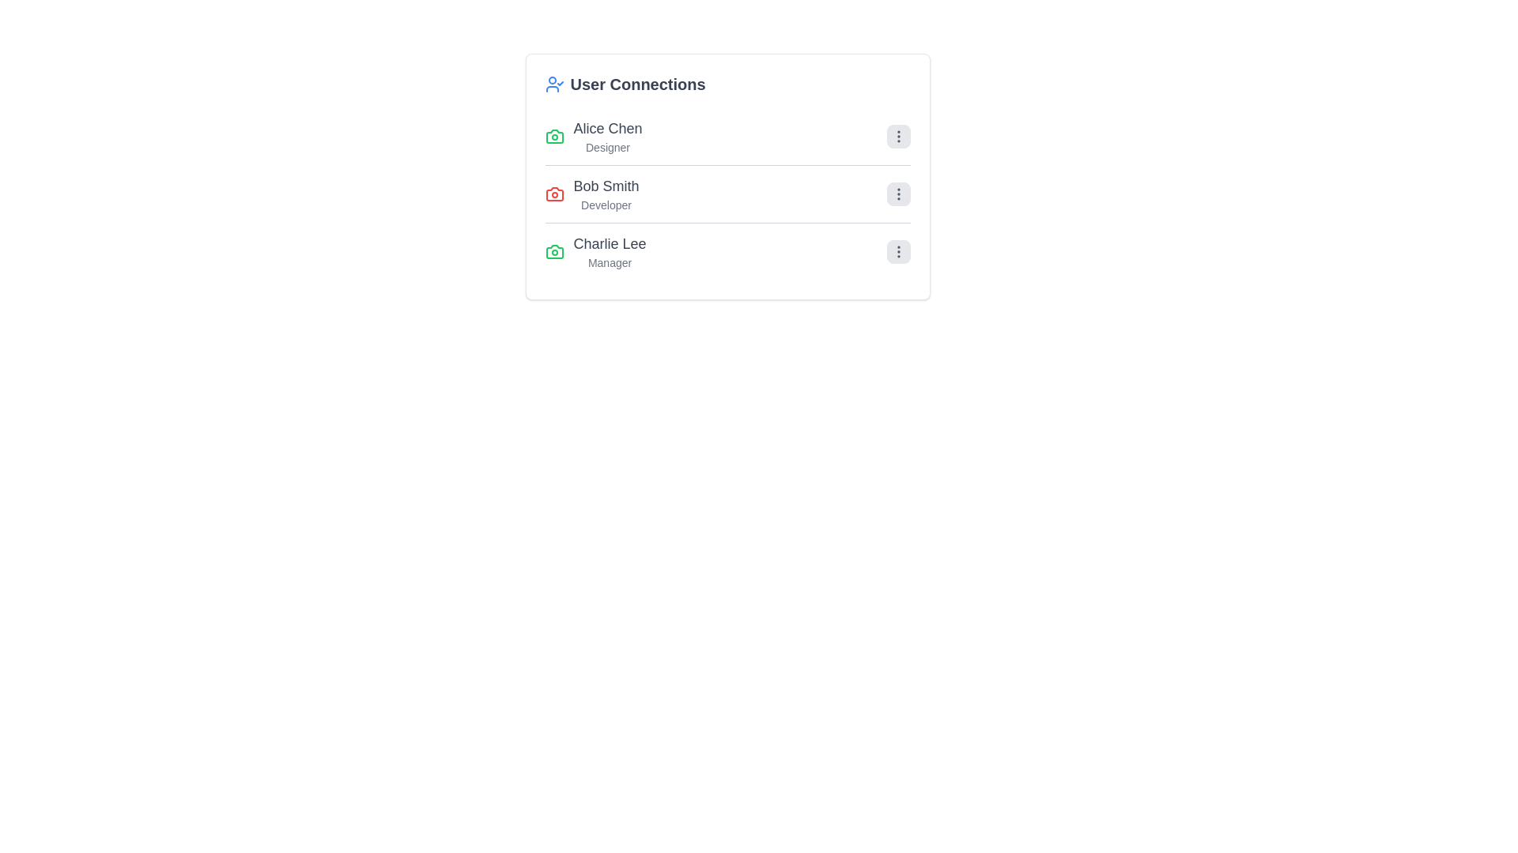 The width and height of the screenshot is (1518, 853). Describe the element at coordinates (554, 194) in the screenshot. I see `the camera icon located to the immediate left of the text 'Bob Smith' within the 'User Connections' list, which symbolizes photography functionality` at that location.